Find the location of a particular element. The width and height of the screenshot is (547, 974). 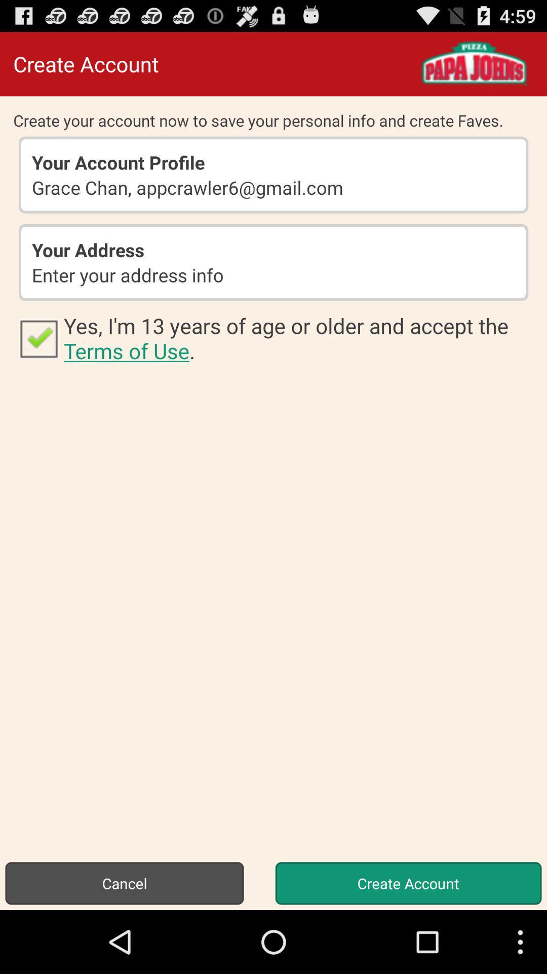

app next to yes i m app is located at coordinates (38, 338).